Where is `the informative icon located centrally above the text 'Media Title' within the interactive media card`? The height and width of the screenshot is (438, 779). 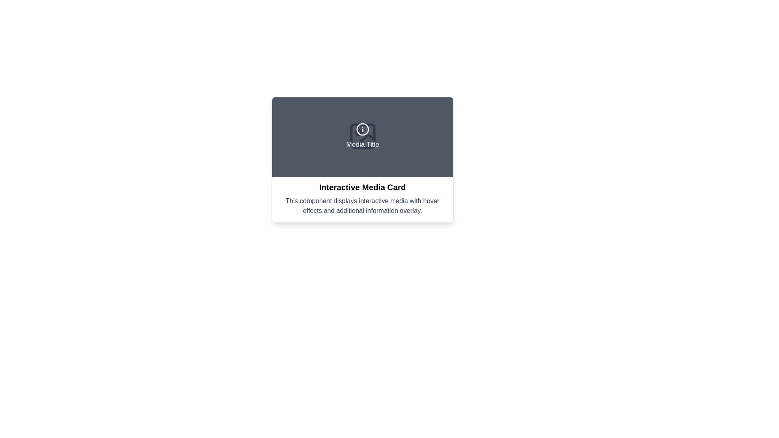
the informative icon located centrally above the text 'Media Title' within the interactive media card is located at coordinates (362, 129).